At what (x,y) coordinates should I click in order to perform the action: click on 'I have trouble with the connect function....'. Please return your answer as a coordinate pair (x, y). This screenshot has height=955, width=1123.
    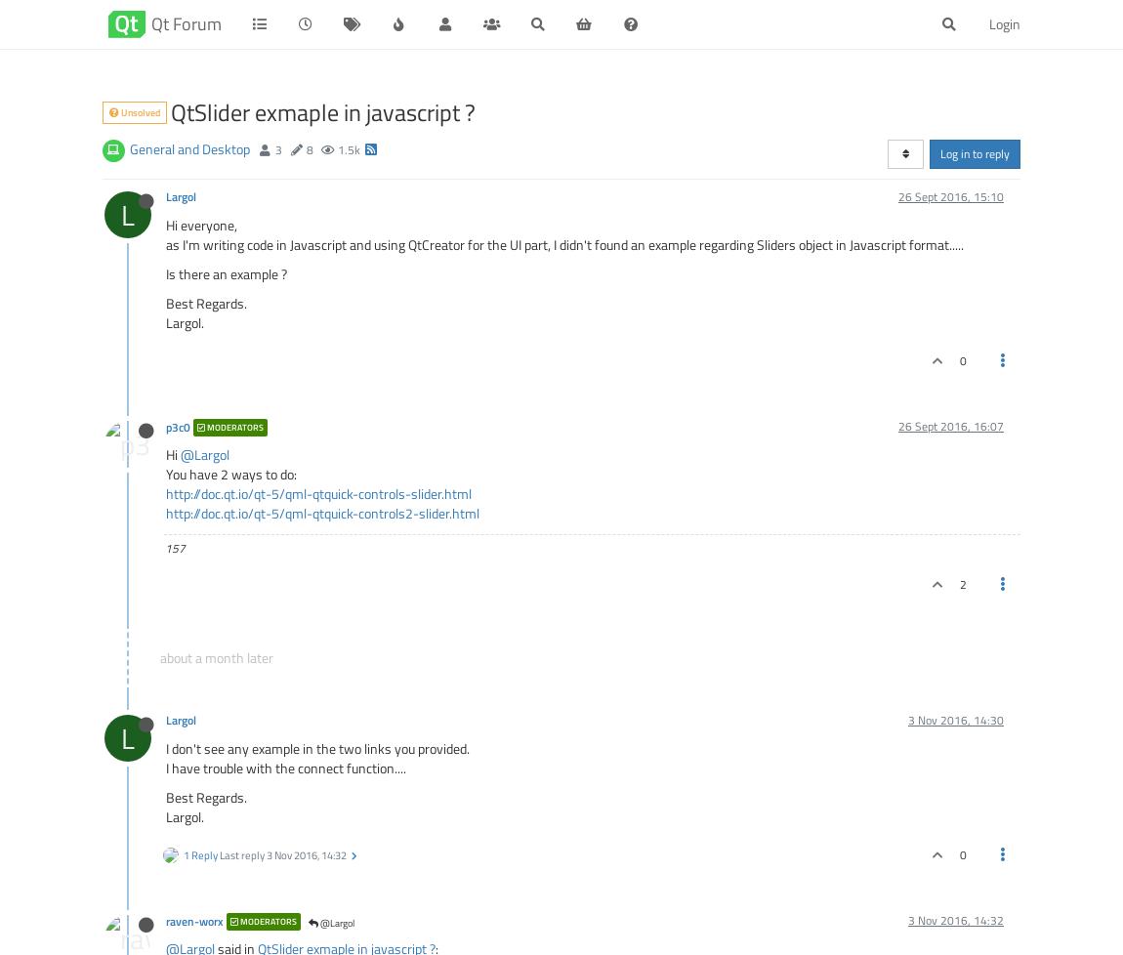
    Looking at the image, I should click on (286, 767).